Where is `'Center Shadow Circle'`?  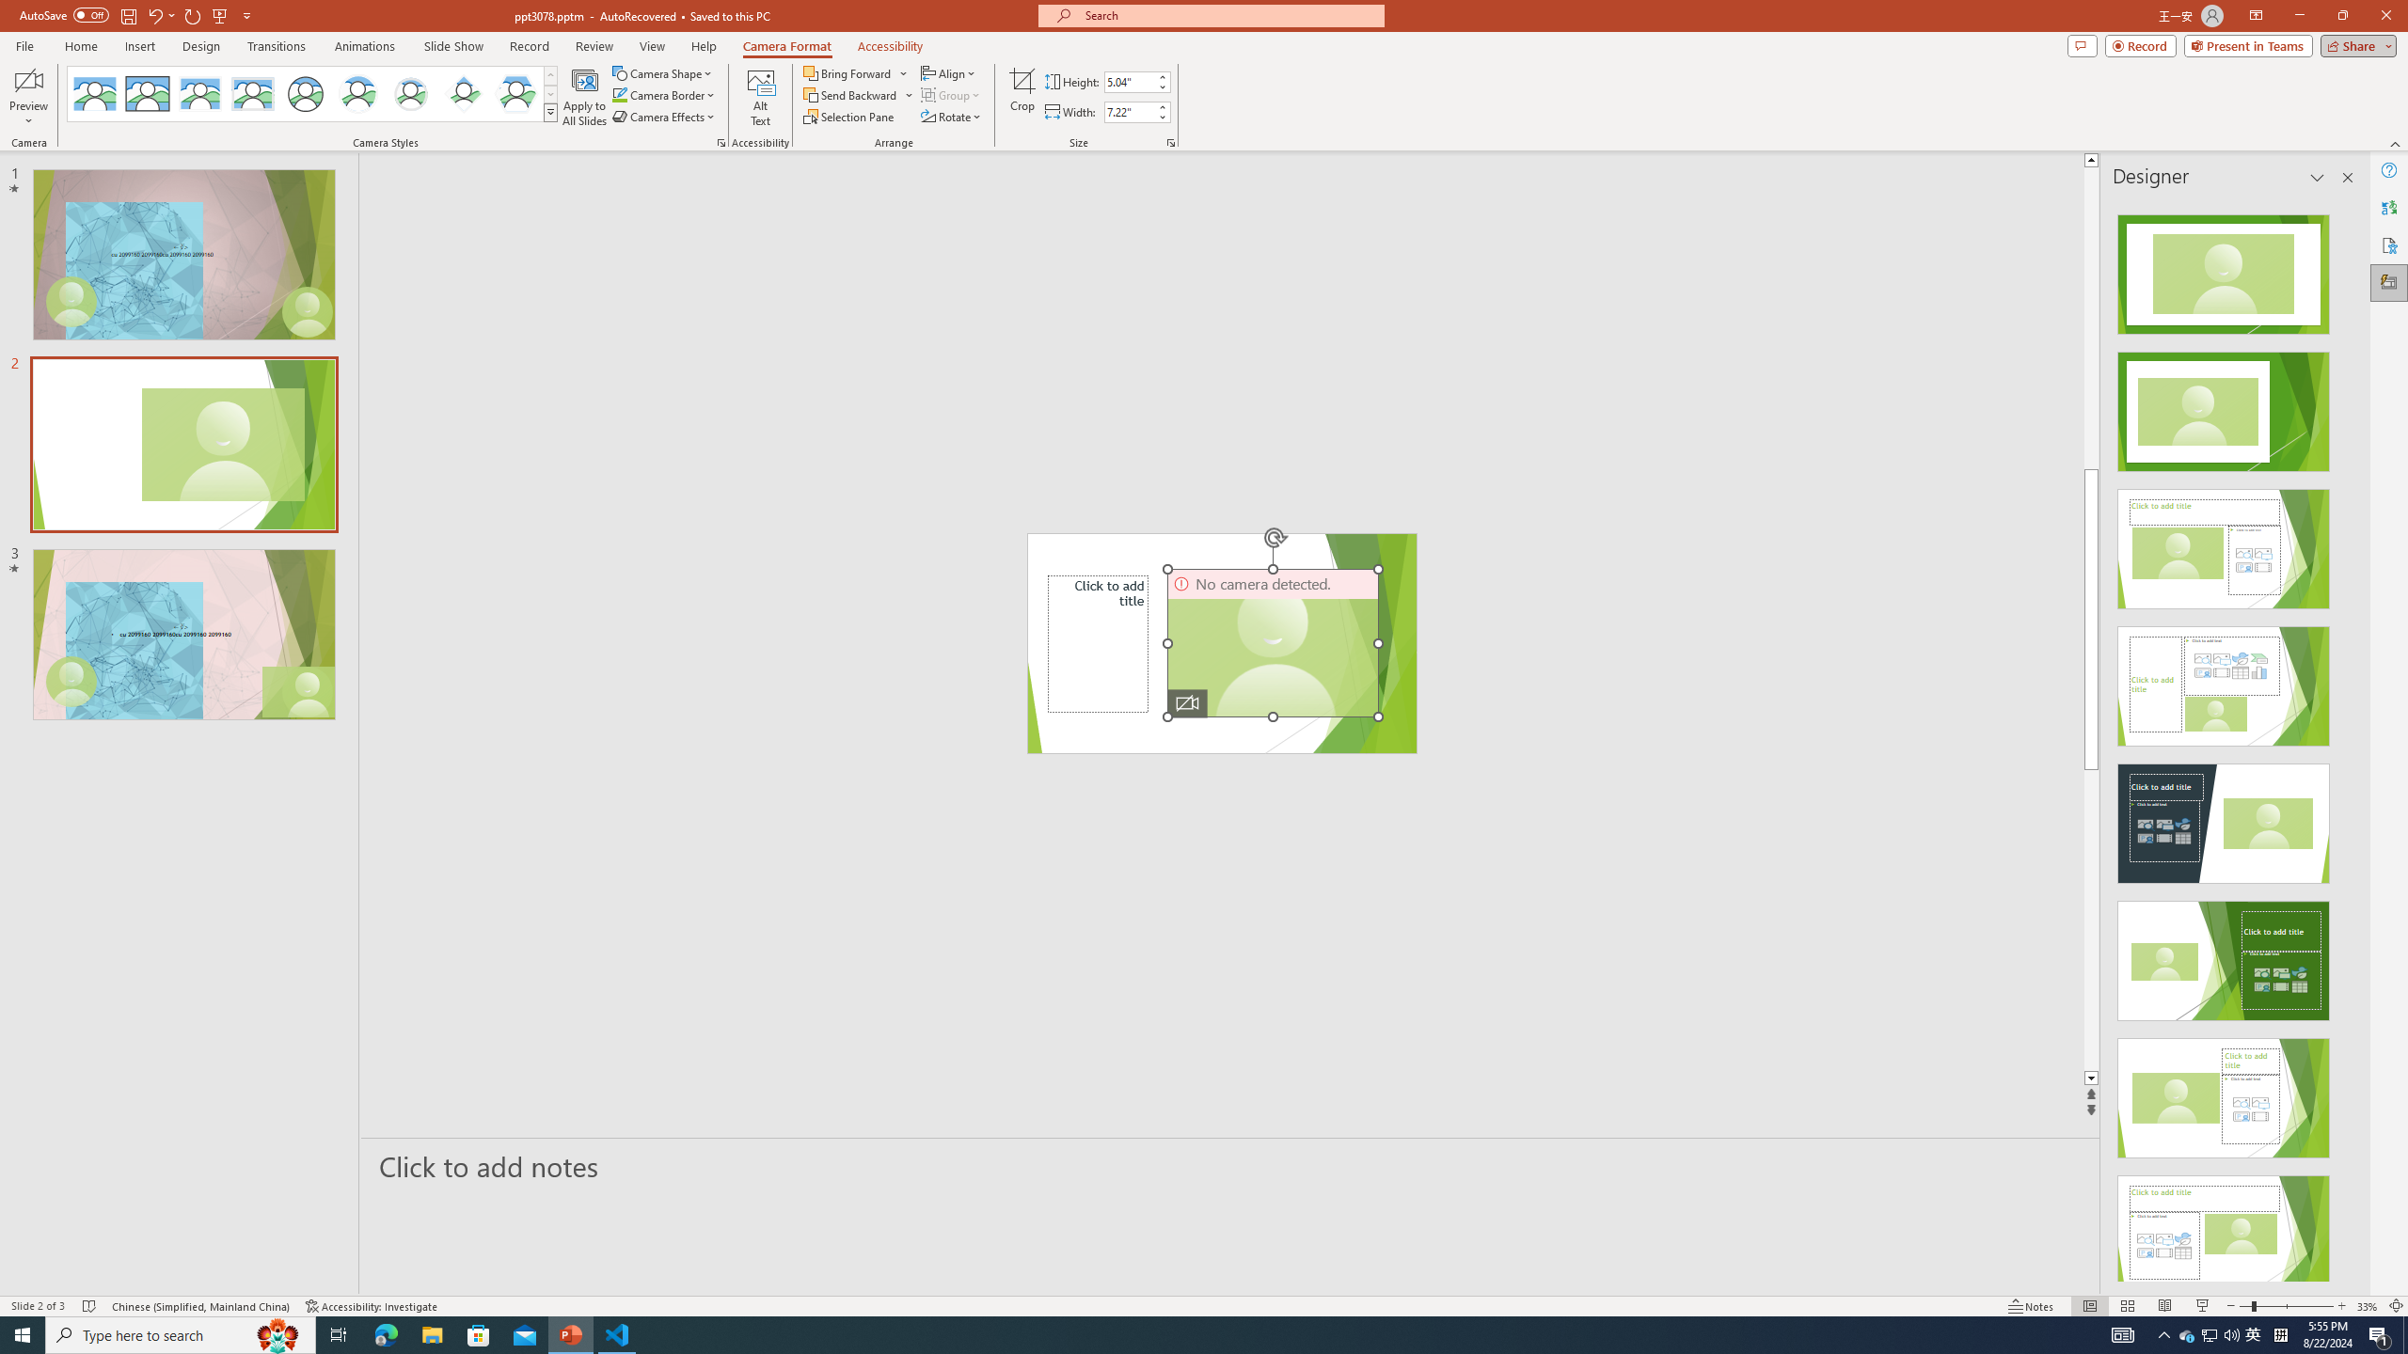 'Center Shadow Circle' is located at coordinates (357, 93).